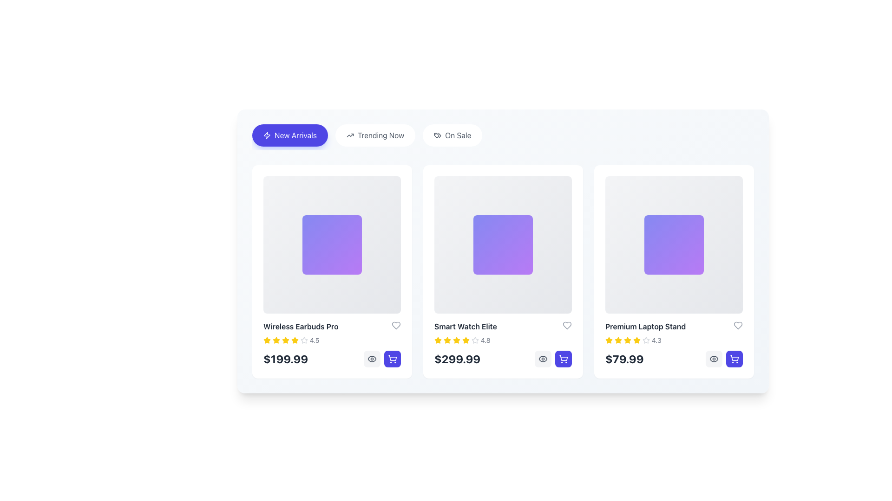 Image resolution: width=892 pixels, height=501 pixels. Describe the element at coordinates (267, 135) in the screenshot. I see `the small square icon with a lightning bolt symbol inside the blue, pill-shaped button labeled 'New Arrivals', located in the top-left section of the interface` at that location.